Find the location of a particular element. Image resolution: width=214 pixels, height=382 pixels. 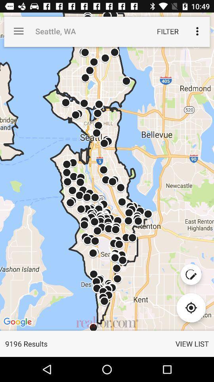

the edit icon is located at coordinates (191, 274).